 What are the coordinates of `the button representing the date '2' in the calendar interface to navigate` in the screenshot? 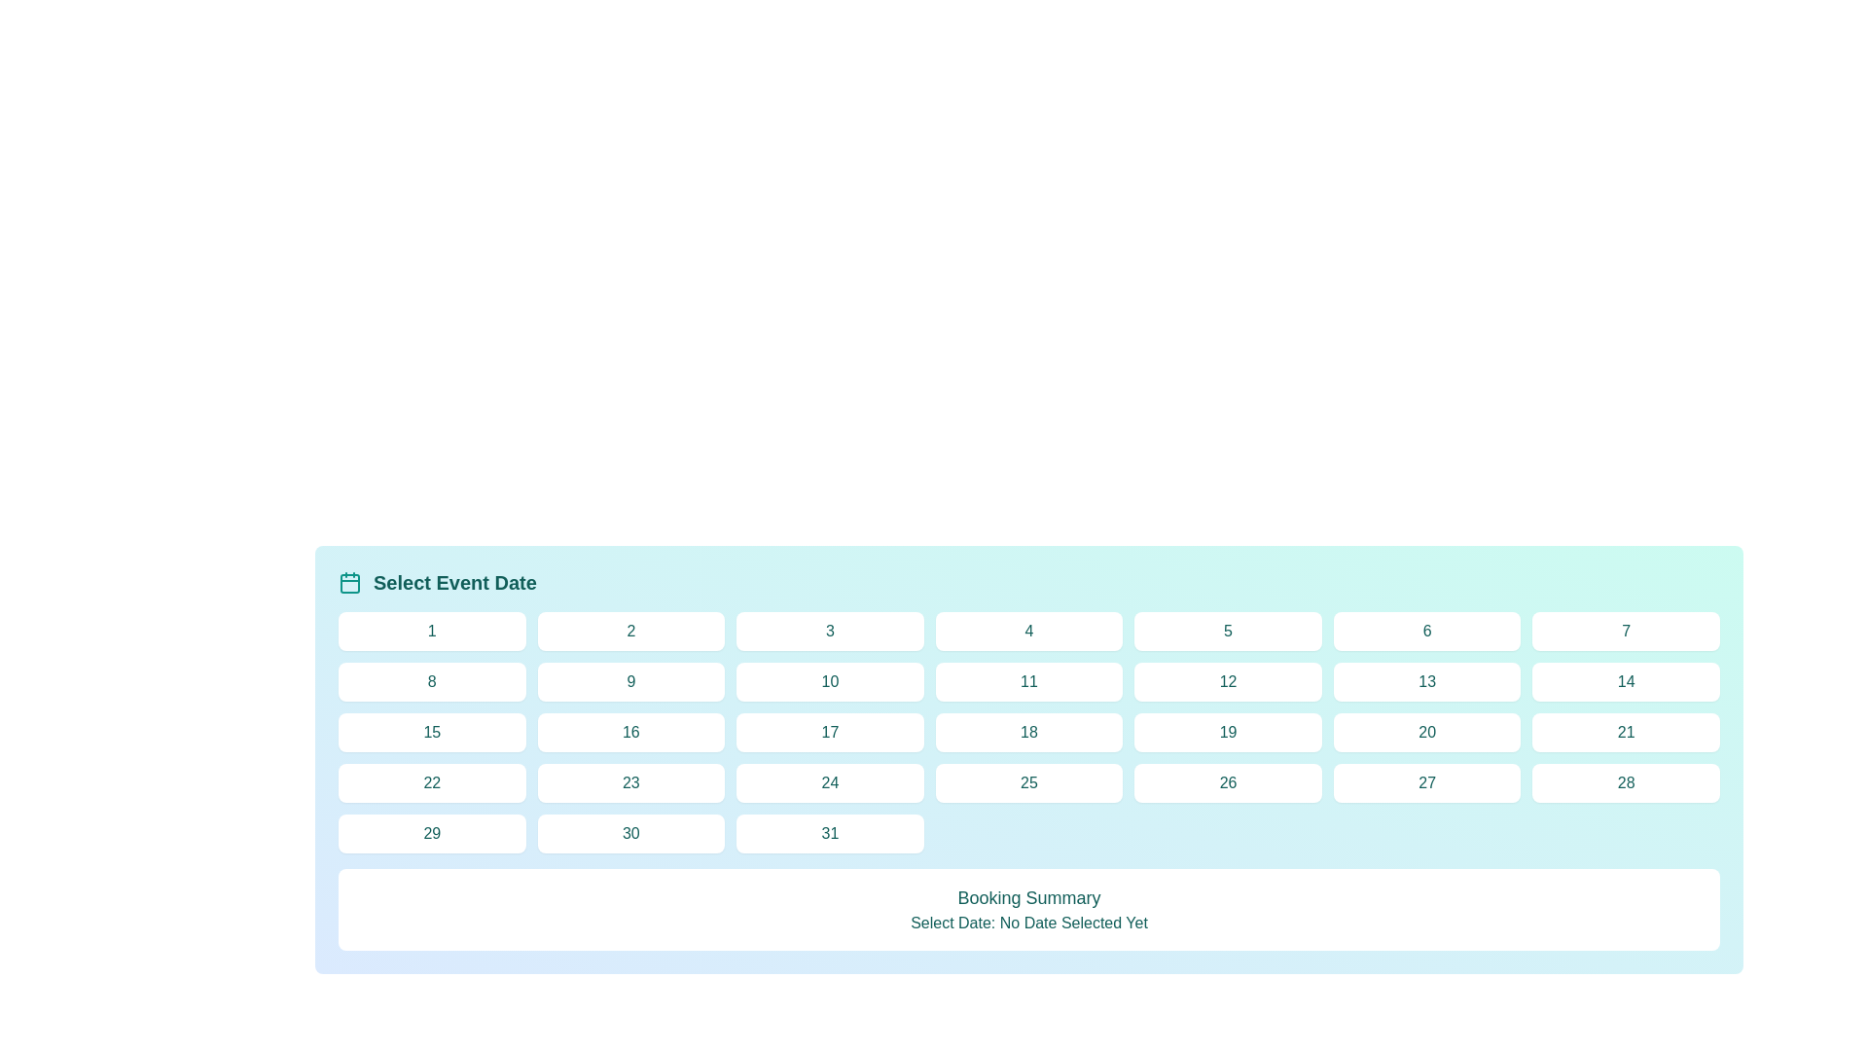 It's located at (630, 631).